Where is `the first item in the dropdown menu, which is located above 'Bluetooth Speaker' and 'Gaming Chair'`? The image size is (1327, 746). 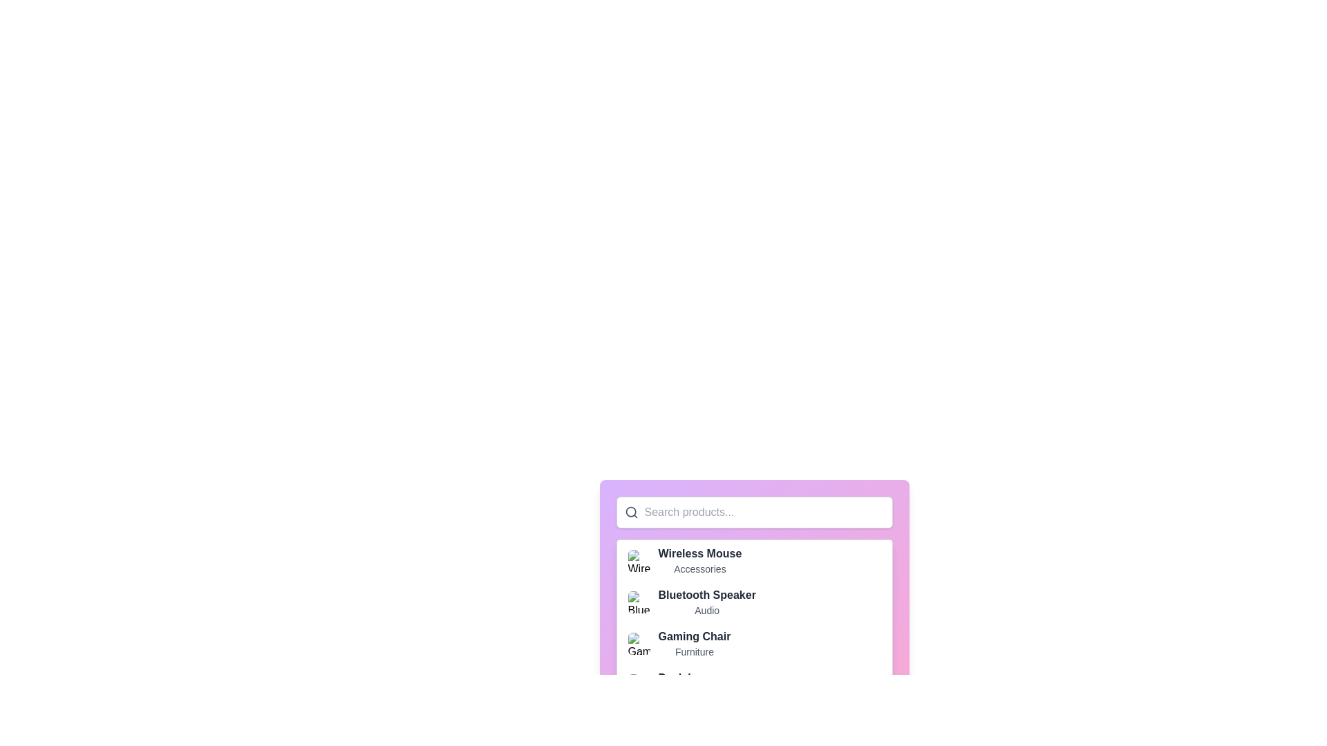 the first item in the dropdown menu, which is located above 'Bluetooth Speaker' and 'Gaming Chair' is located at coordinates (753, 561).